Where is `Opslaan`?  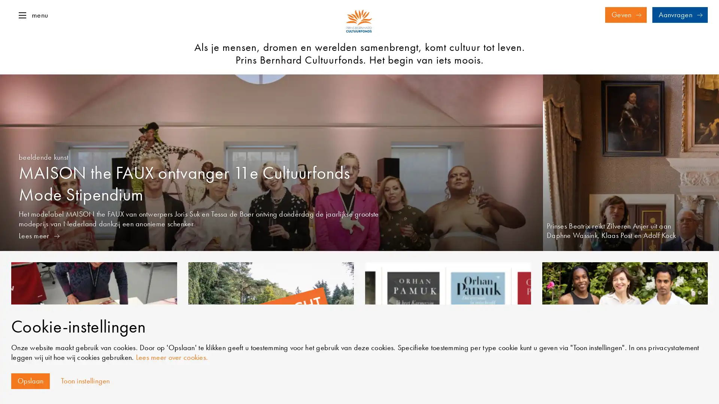
Opslaan is located at coordinates (30, 381).